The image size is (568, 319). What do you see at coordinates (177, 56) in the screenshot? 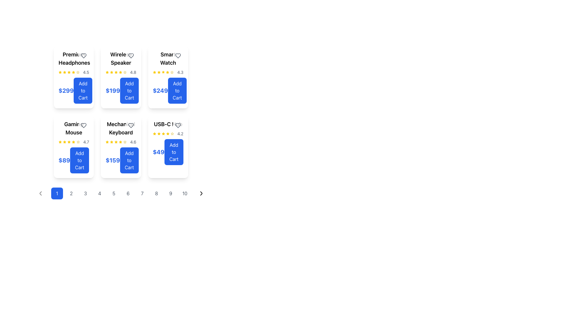
I see `the heart-shaped icon located in the top-right corner of the 'Smart Watch' card to mark it as a favorite` at bounding box center [177, 56].